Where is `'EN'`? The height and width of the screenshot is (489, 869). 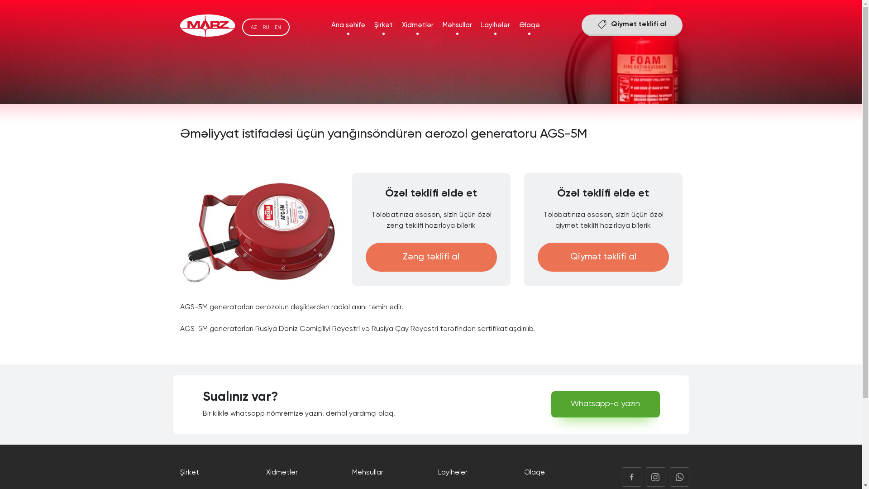
'EN' is located at coordinates (273, 27).